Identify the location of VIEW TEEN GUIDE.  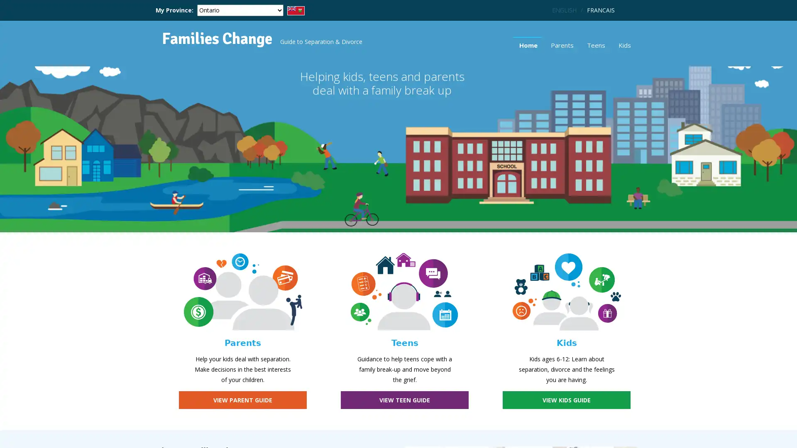
(404, 399).